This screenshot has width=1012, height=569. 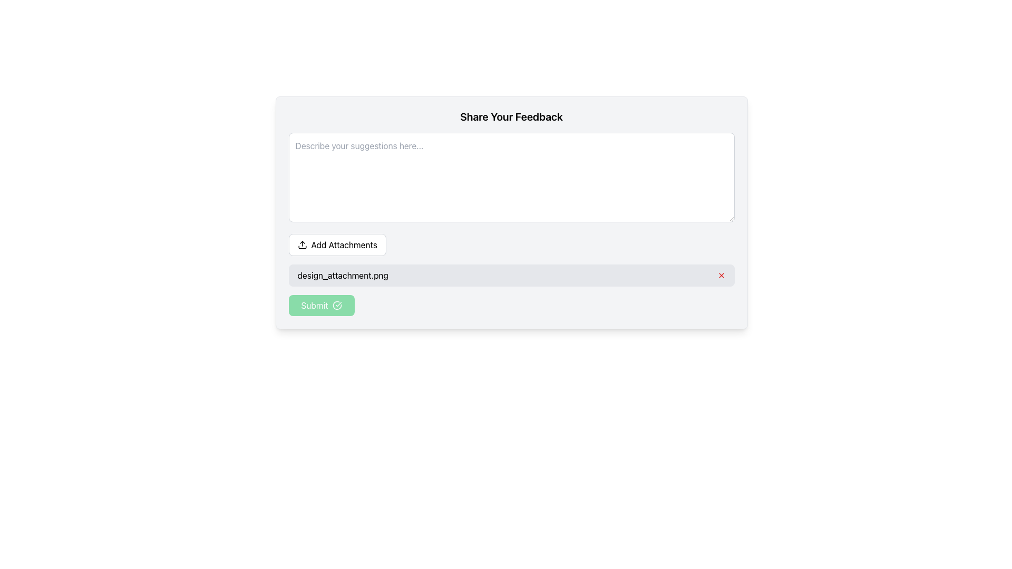 I want to click on the file upload button located beneath the 'Share Your Feedback' text input area, to the left of the displayed file name 'design_attachment.png', so click(x=337, y=245).